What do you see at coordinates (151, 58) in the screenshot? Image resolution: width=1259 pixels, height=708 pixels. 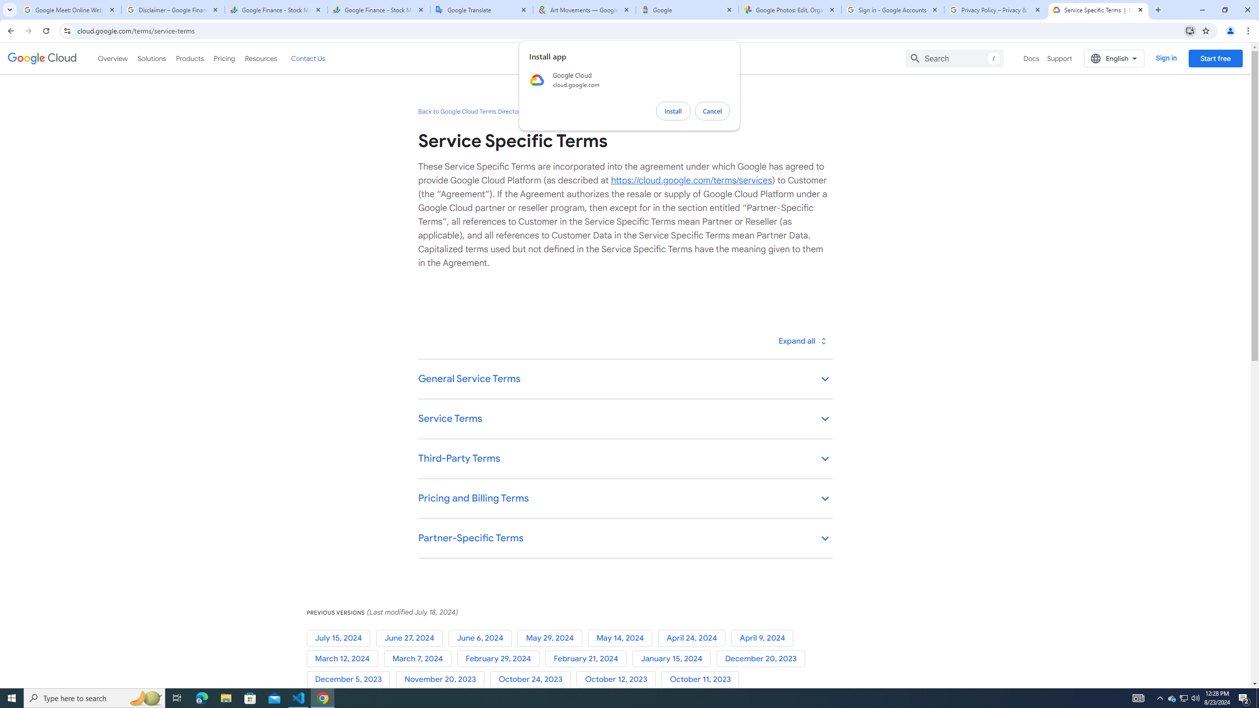 I see `'Solutions'` at bounding box center [151, 58].